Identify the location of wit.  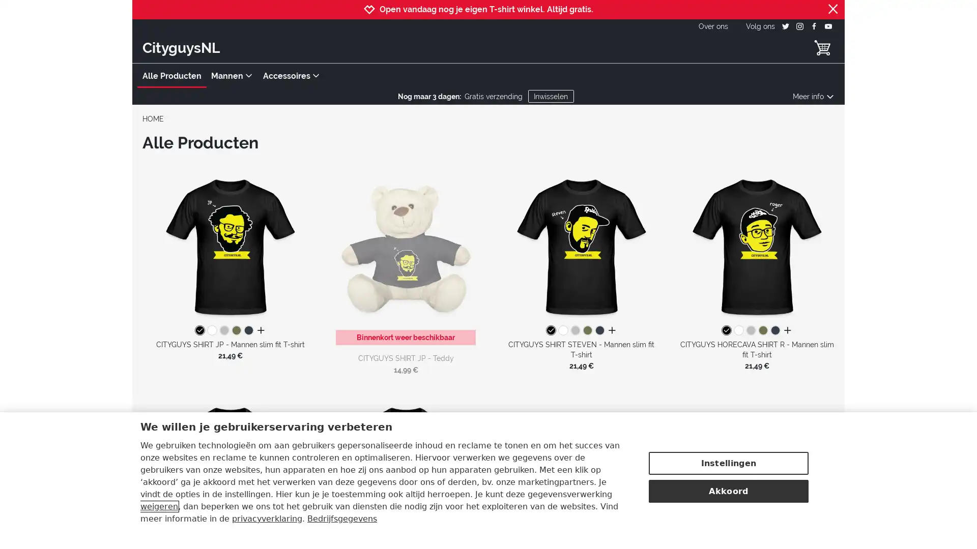
(211, 331).